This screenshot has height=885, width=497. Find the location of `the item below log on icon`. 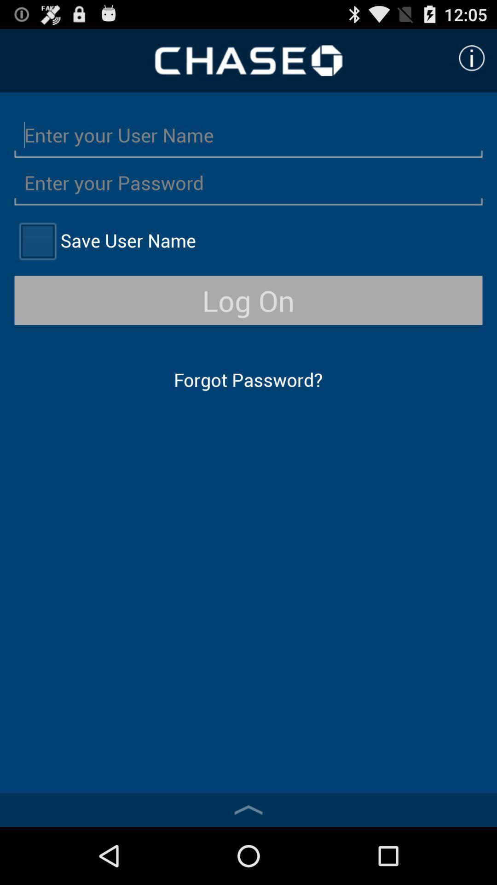

the item below log on icon is located at coordinates (248, 379).